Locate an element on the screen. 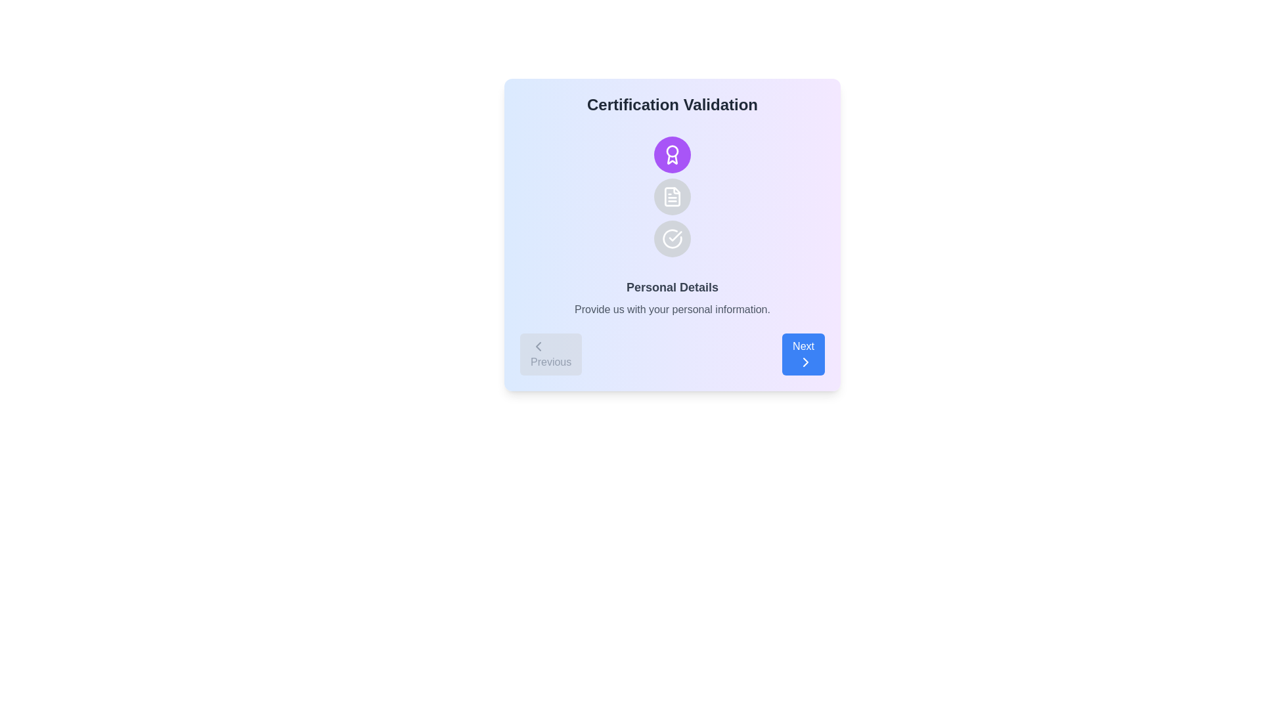 The height and width of the screenshot is (709, 1261). the 'Previous' icon located in the bottom-left corner of the modal interface is located at coordinates (539, 346).